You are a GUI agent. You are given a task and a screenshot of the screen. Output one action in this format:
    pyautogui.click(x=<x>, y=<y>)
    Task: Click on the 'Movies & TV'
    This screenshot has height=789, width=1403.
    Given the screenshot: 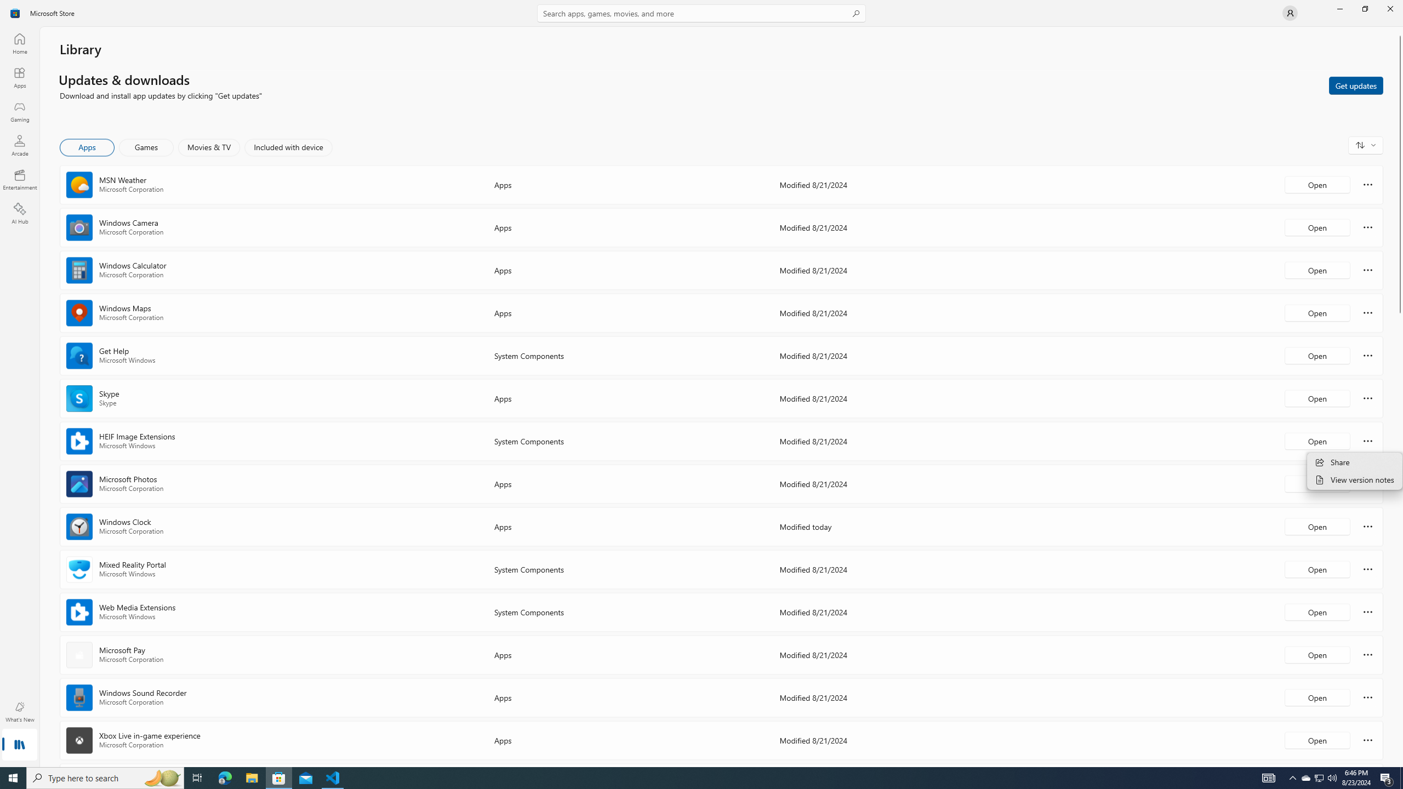 What is the action you would take?
    pyautogui.click(x=208, y=147)
    